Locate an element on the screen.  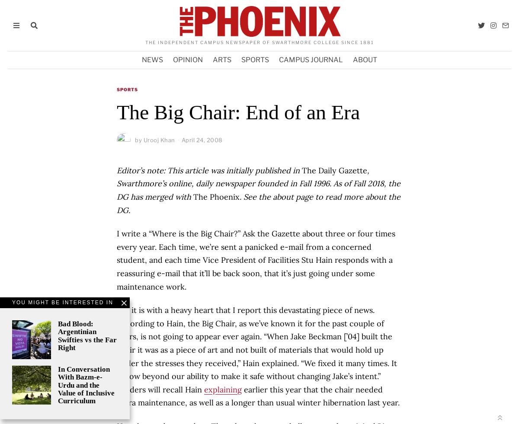
'Suggestions' is located at coordinates (107, 234).